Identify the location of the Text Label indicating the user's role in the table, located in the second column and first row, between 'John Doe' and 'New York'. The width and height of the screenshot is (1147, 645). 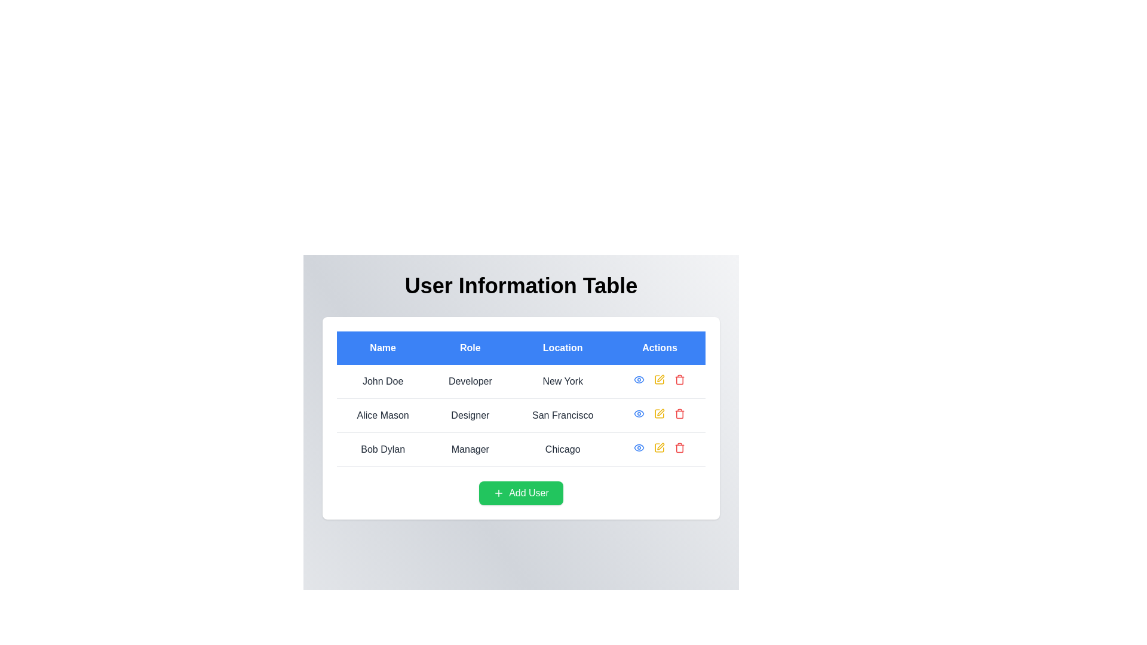
(470, 382).